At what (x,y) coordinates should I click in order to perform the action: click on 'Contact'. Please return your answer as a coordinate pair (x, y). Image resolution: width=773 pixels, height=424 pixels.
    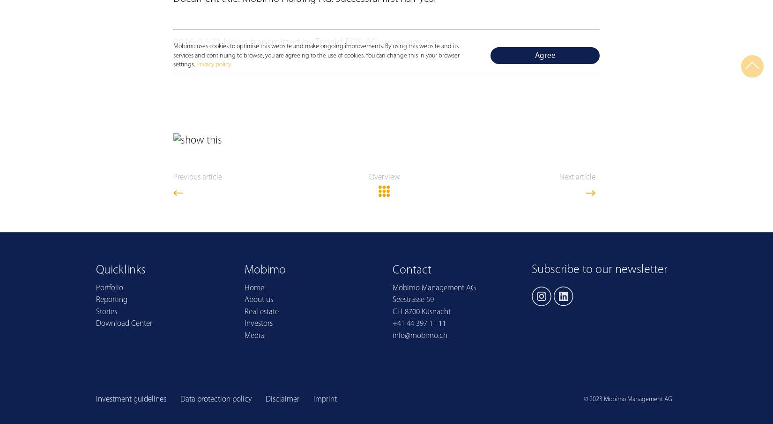
    Looking at the image, I should click on (412, 270).